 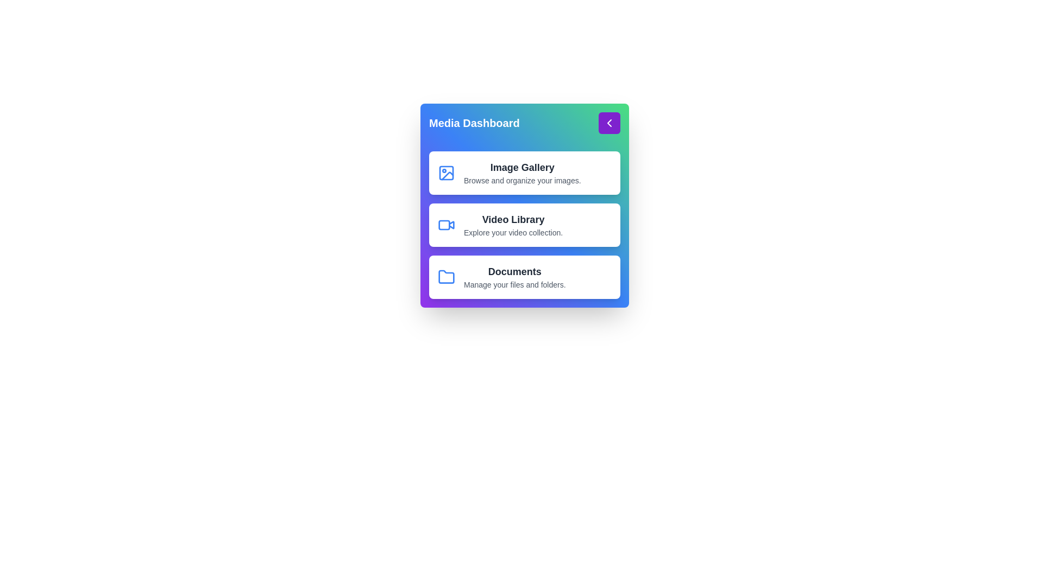 I want to click on the gallery option Image Gallery from the menu, so click(x=524, y=173).